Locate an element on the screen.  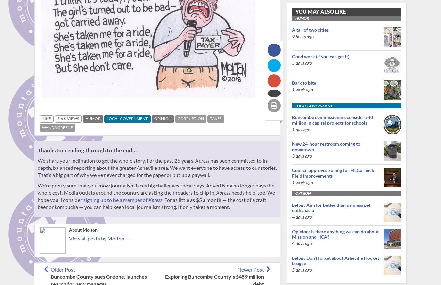
'Good work (if you can get it)' is located at coordinates (320, 56).